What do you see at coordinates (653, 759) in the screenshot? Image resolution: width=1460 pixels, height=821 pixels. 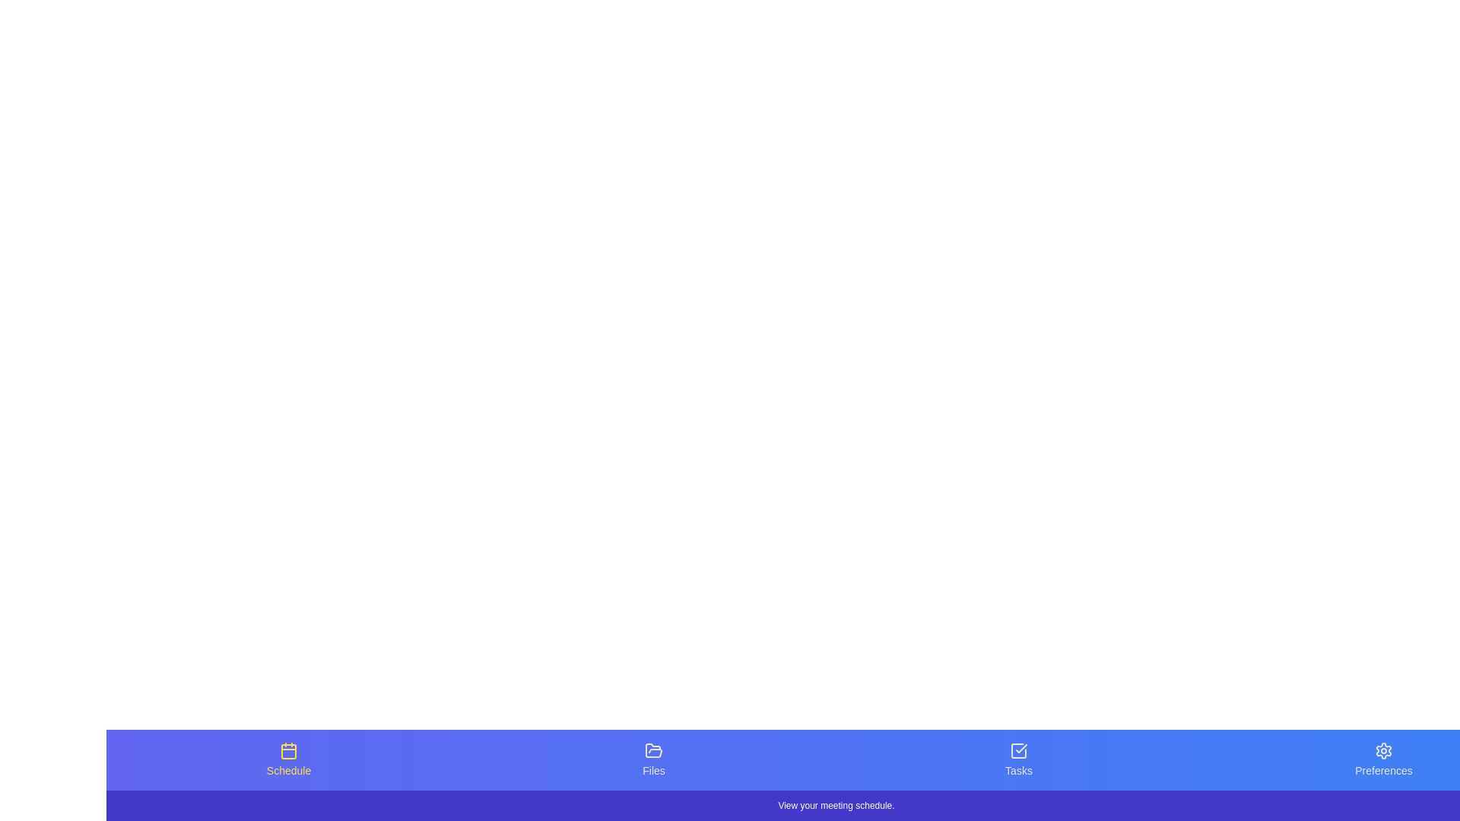 I see `the tab icon labeled Files to see its hover effect` at bounding box center [653, 759].